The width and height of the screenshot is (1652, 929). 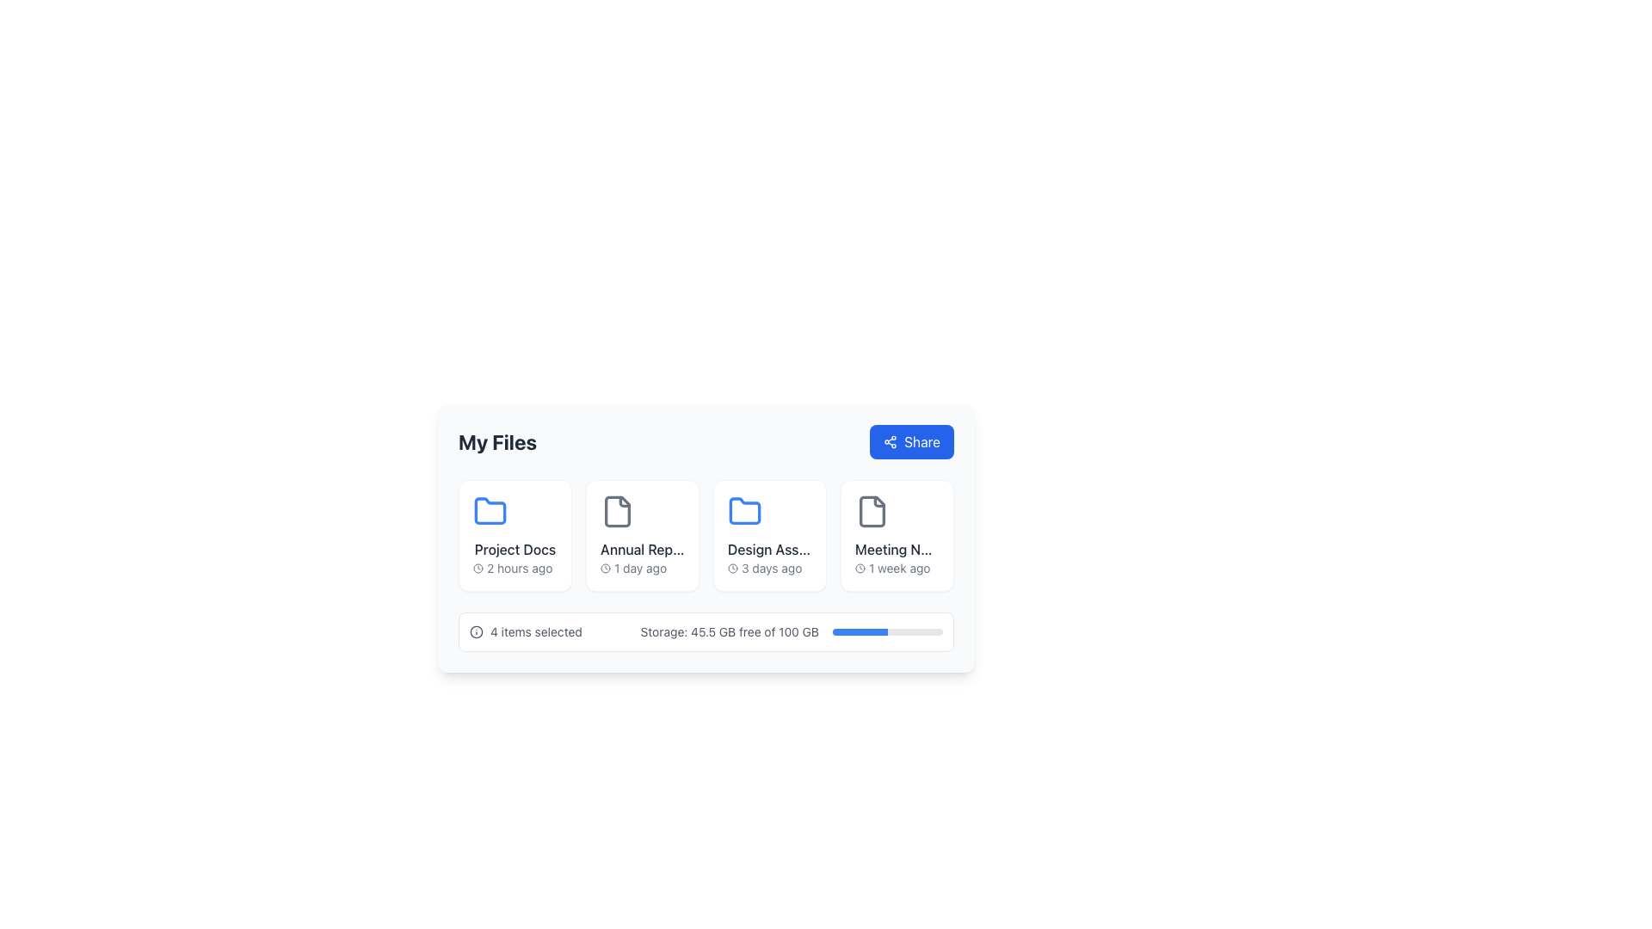 What do you see at coordinates (496, 440) in the screenshot?
I see `the 'My Files' static text label, which is bold and prominently displayed in dark gray as a title within the interface` at bounding box center [496, 440].